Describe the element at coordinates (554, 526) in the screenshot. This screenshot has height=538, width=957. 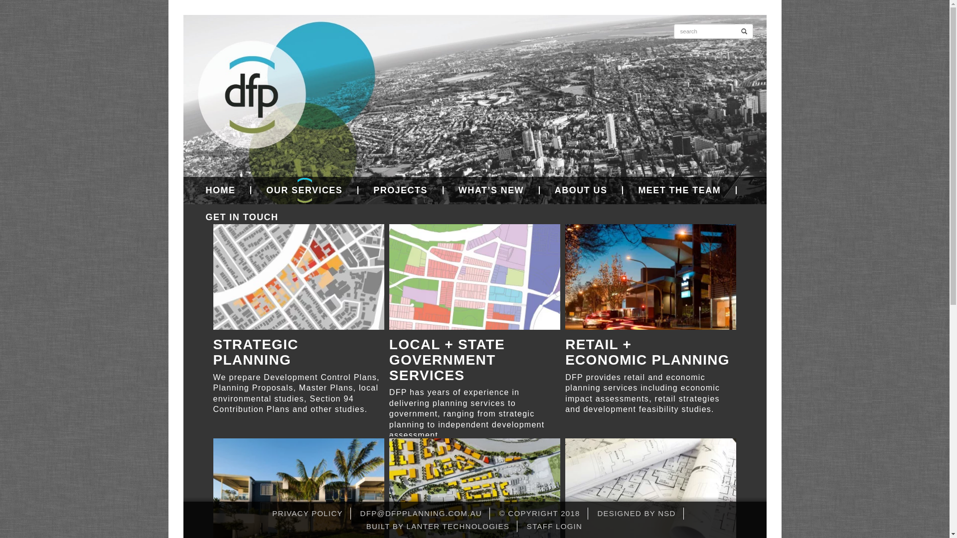
I see `'STAFF LOGIN'` at that location.